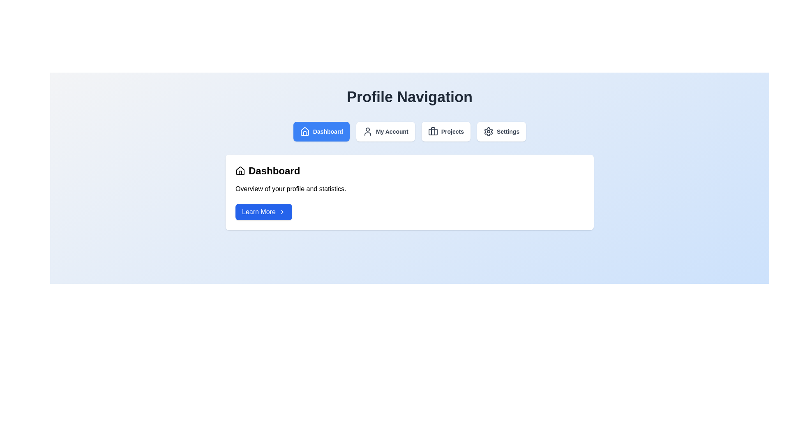 The height and width of the screenshot is (443, 789). I want to click on the gear-like settings icon located in the navigation bar under the 'Settings' button, so click(489, 131).